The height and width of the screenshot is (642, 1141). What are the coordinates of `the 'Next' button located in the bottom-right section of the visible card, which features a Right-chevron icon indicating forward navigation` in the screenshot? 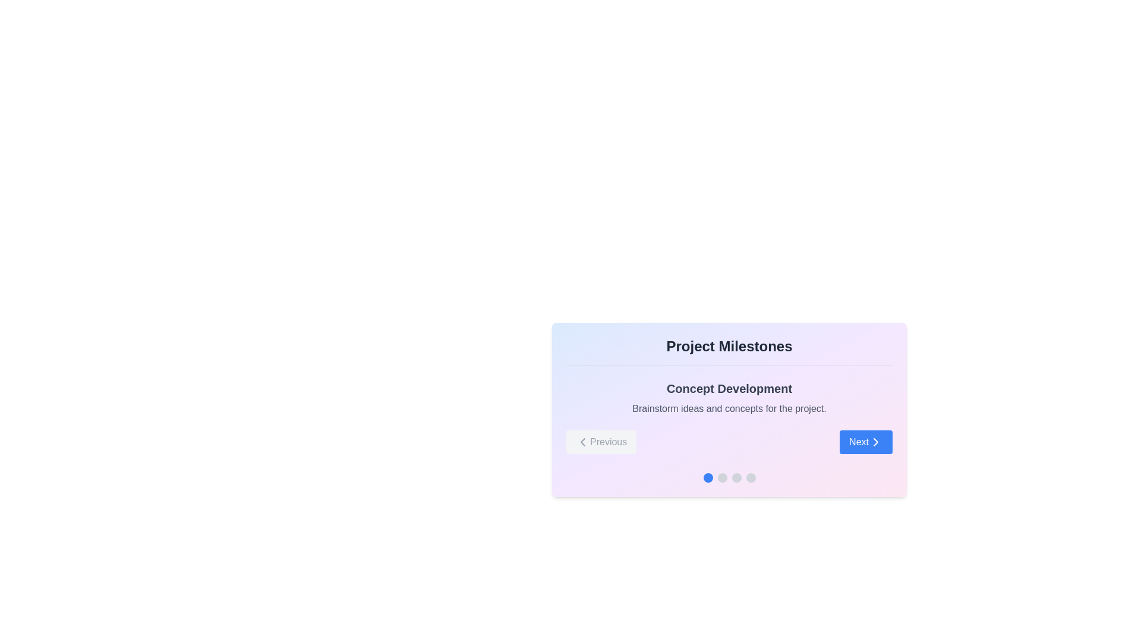 It's located at (875, 442).